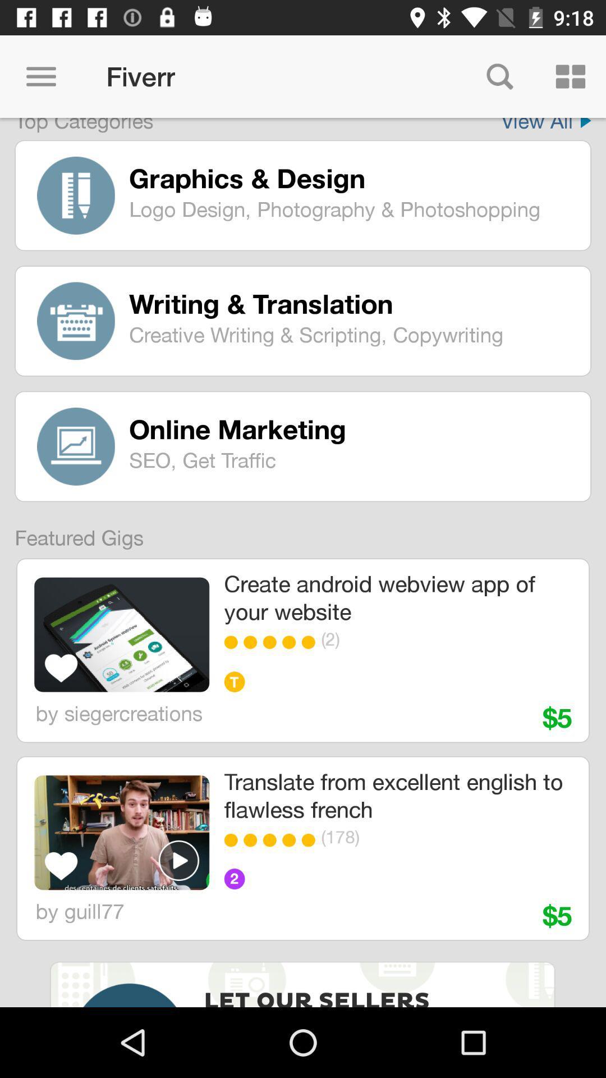 Image resolution: width=606 pixels, height=1078 pixels. I want to click on the item below the translate from excellent icon, so click(311, 840).